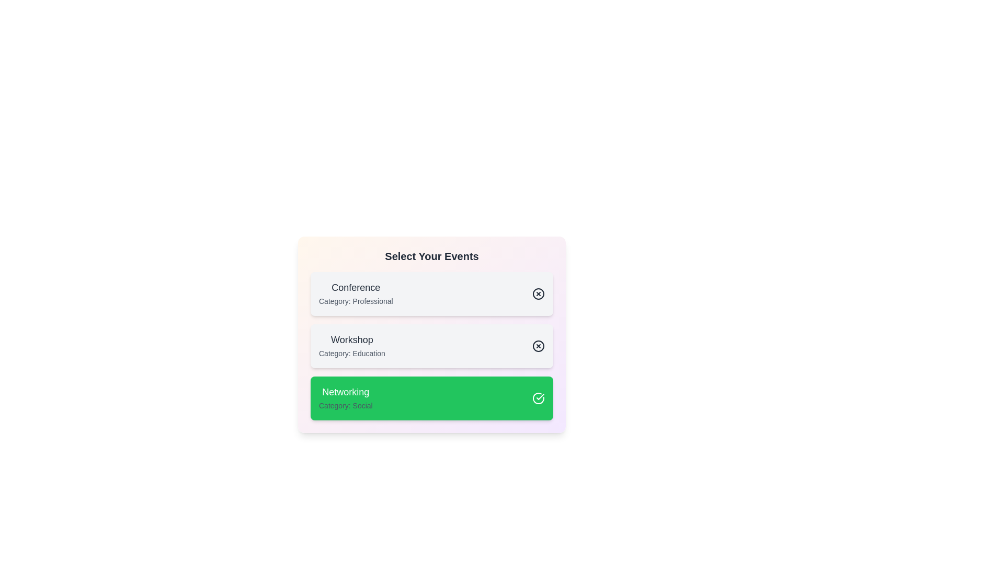 This screenshot has width=1004, height=564. I want to click on the event Conference, so click(431, 294).